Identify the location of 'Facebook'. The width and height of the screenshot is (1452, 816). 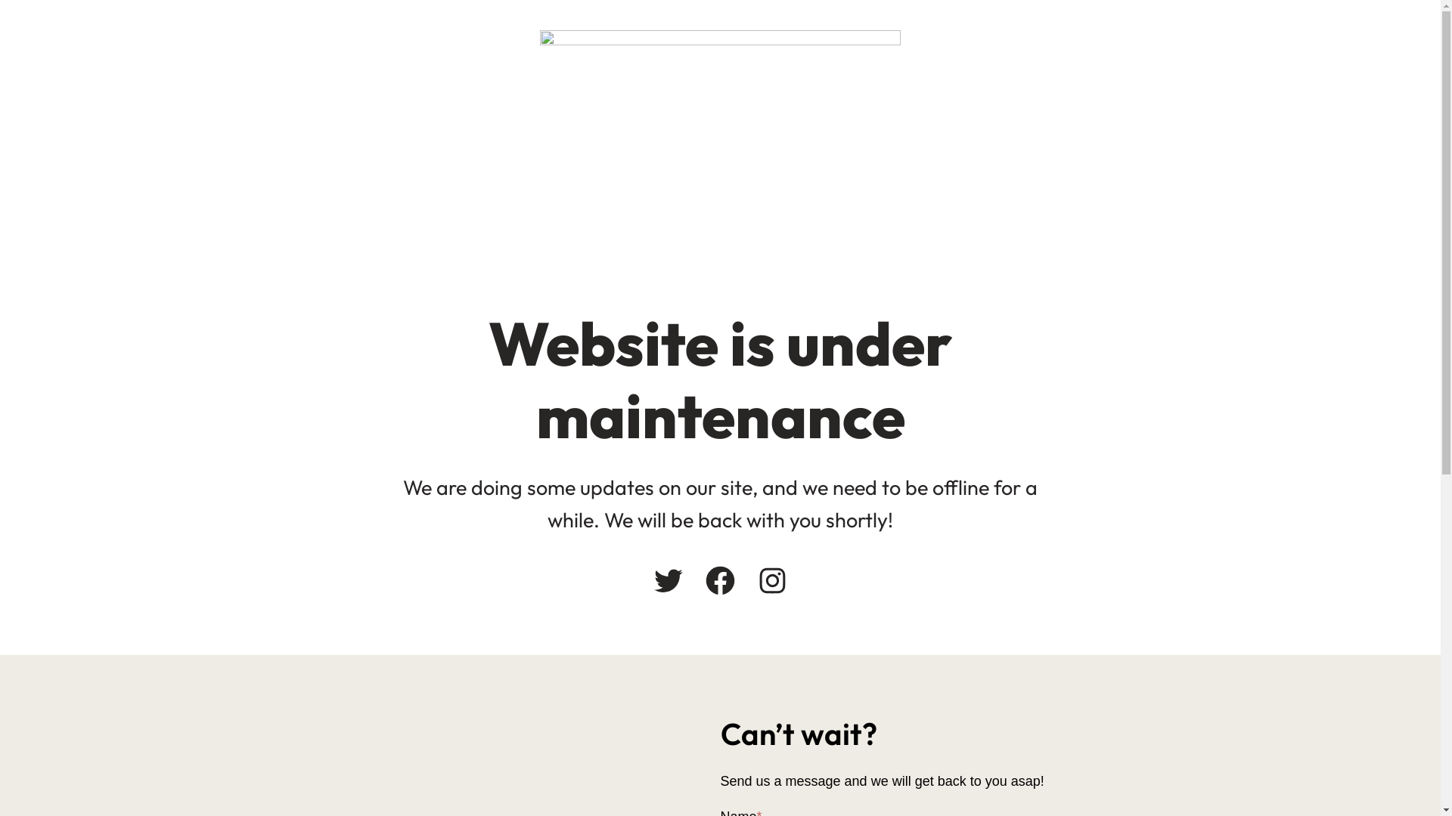
(719, 580).